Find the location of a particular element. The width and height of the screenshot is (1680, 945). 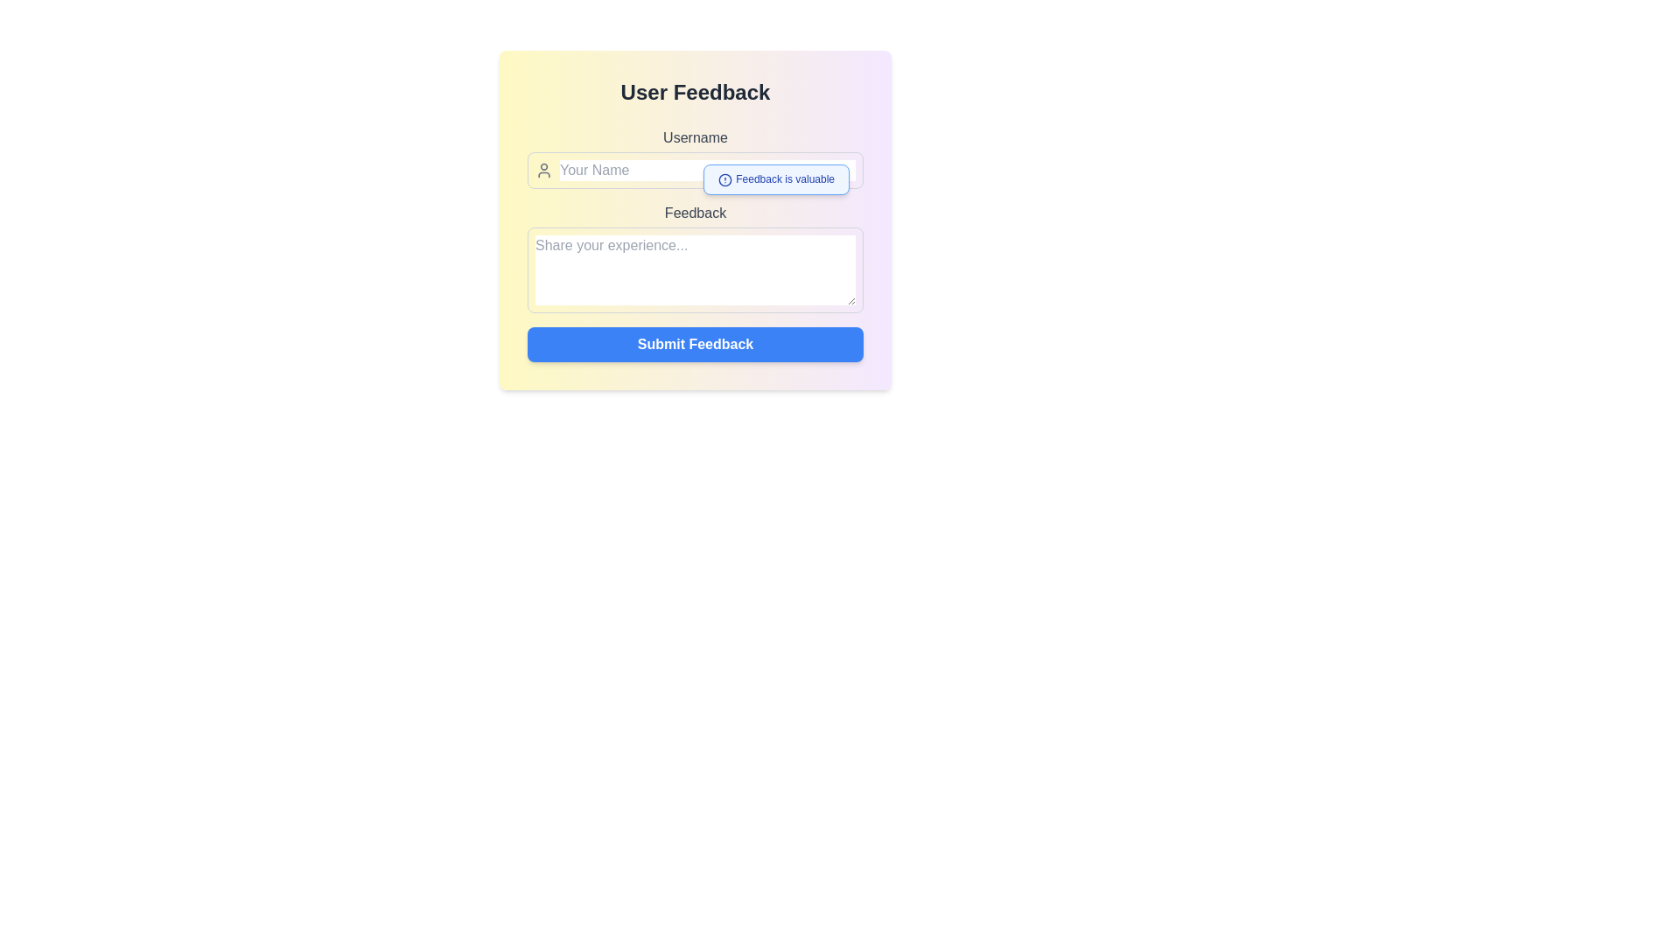

the 'Submit Feedback' button, which is a rectangular button with a blue background and white bold text, located at the bottom of the 'User Feedback' form is located at coordinates (695, 344).